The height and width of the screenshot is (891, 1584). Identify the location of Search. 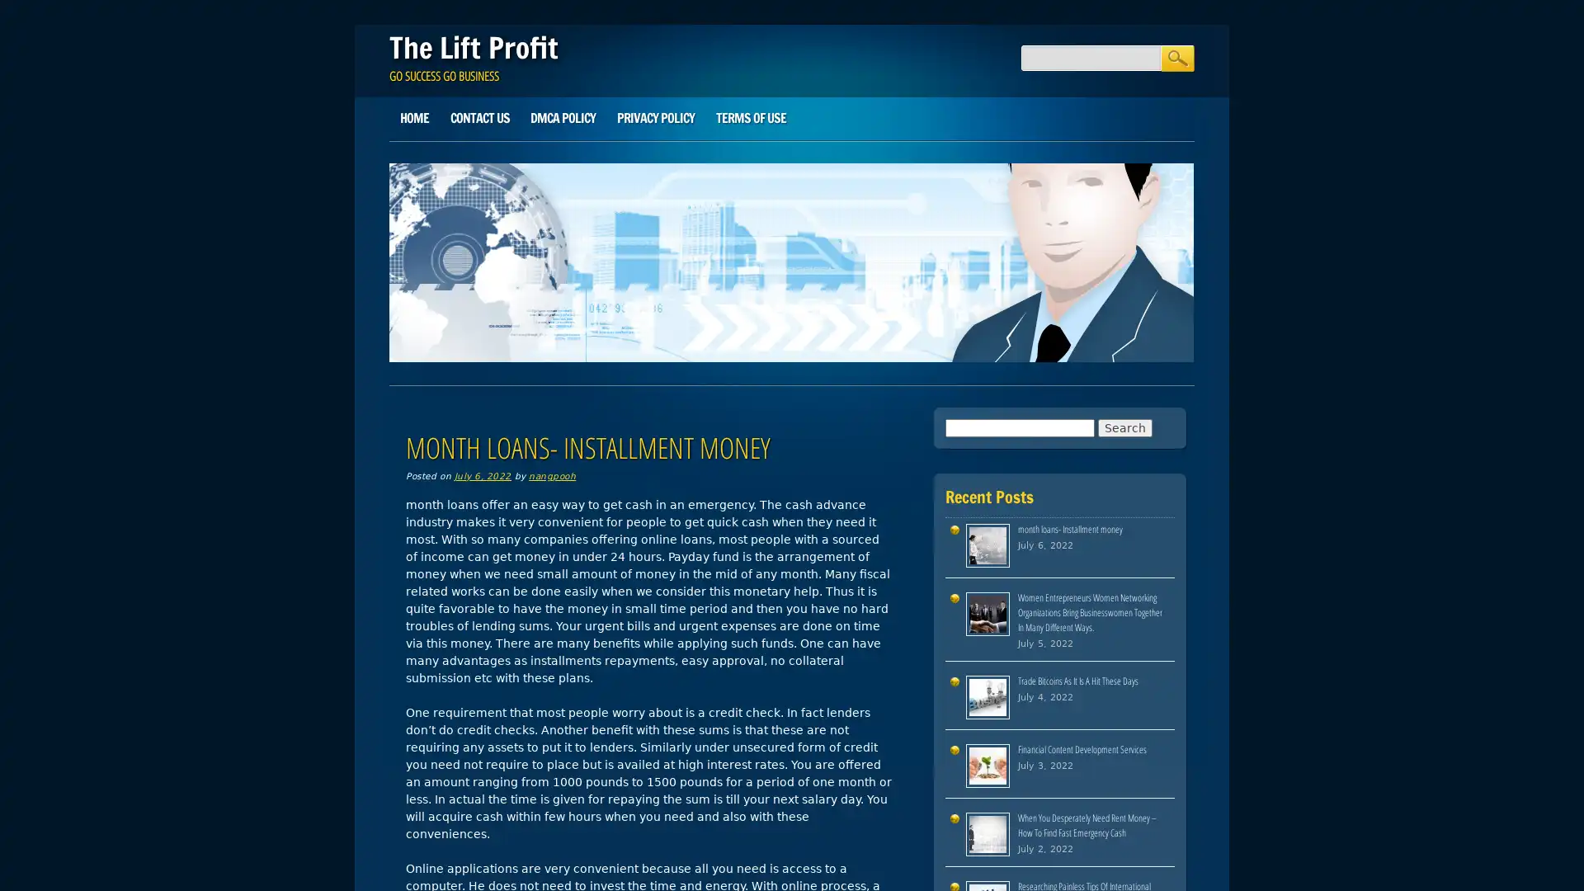
(1124, 426).